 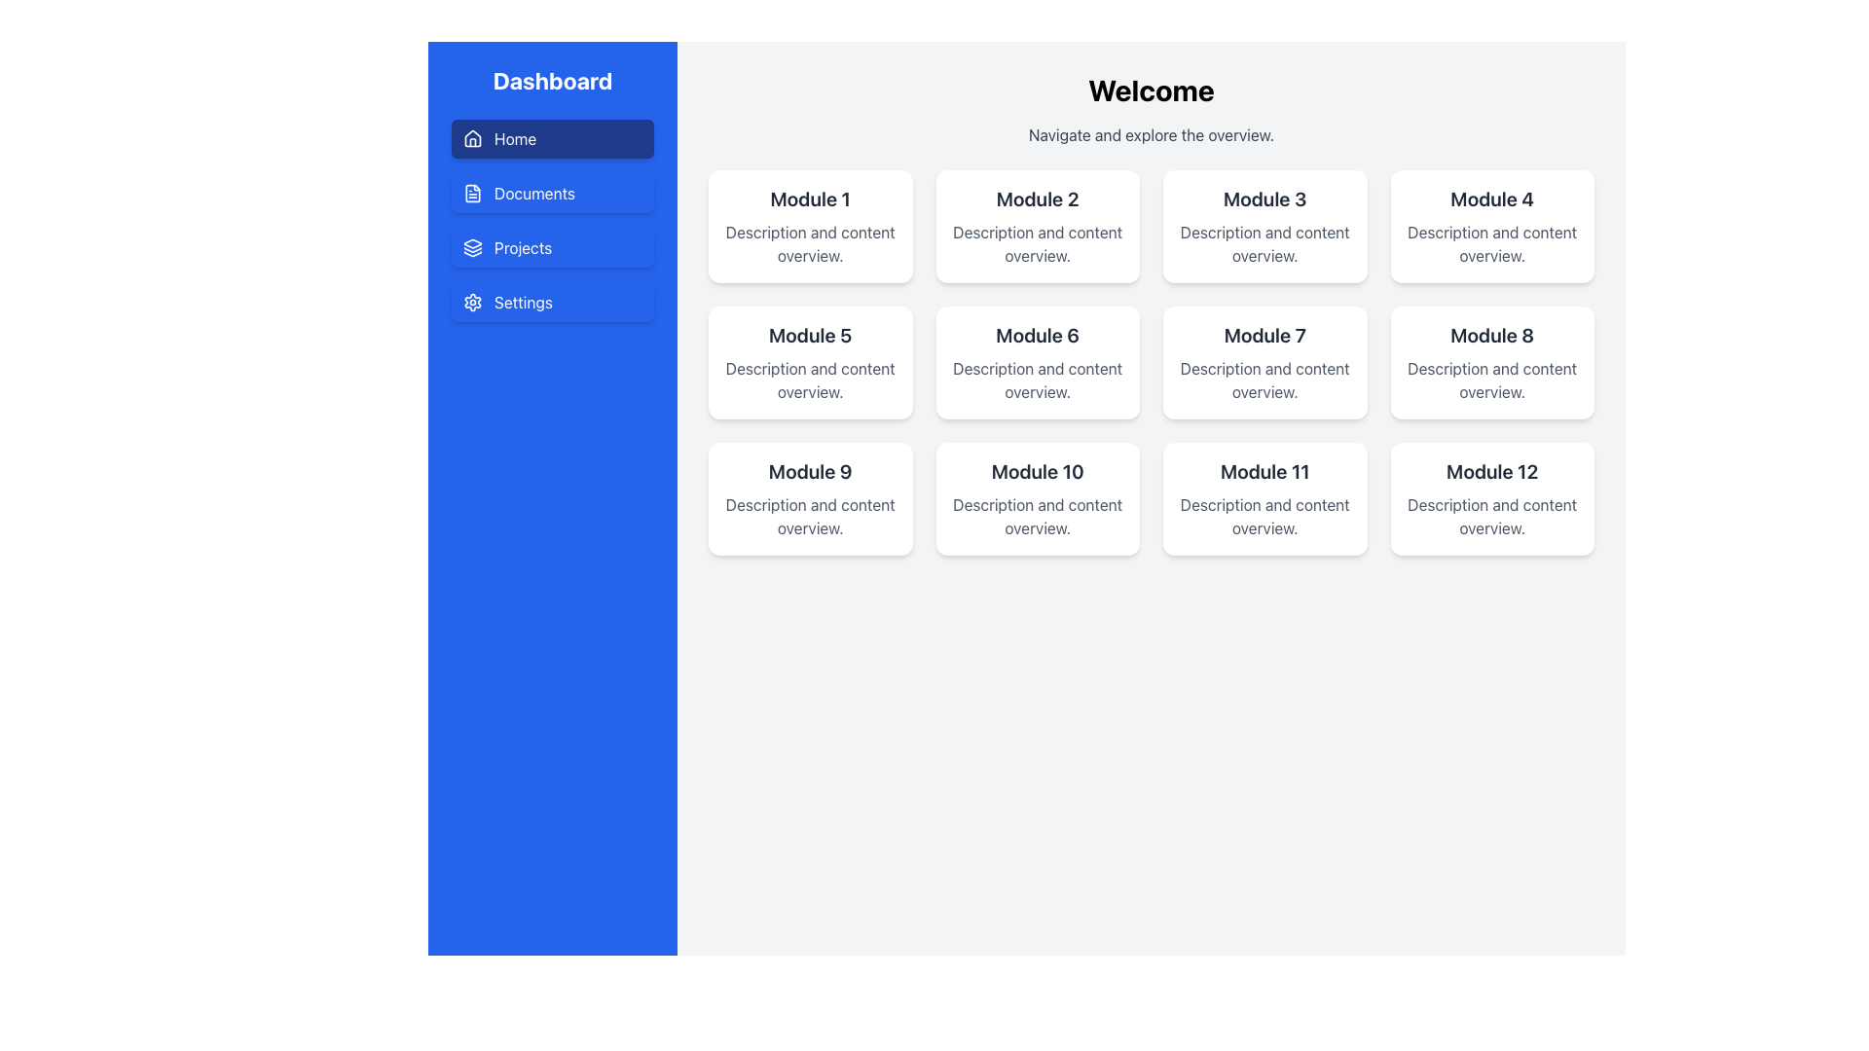 I want to click on the Text Label representing the title of 'Module 6', which is located in the second card of the second row in a 4x3 grid layout, so click(x=1037, y=334).